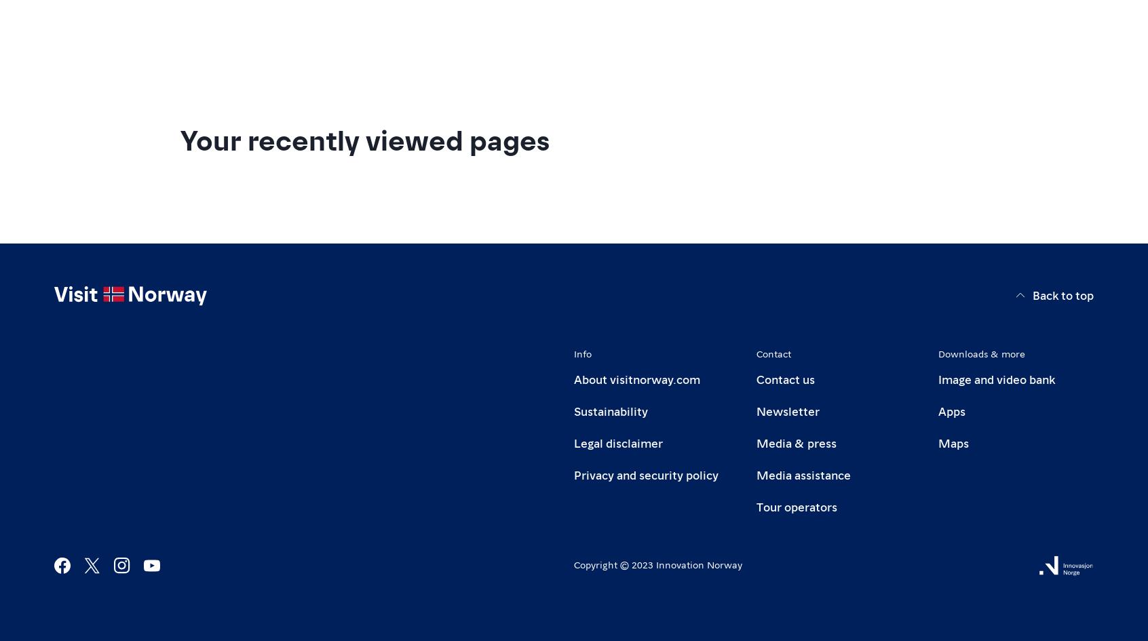  What do you see at coordinates (307, 98) in the screenshot?
I see `'Skulpturlandskap Nordland'` at bounding box center [307, 98].